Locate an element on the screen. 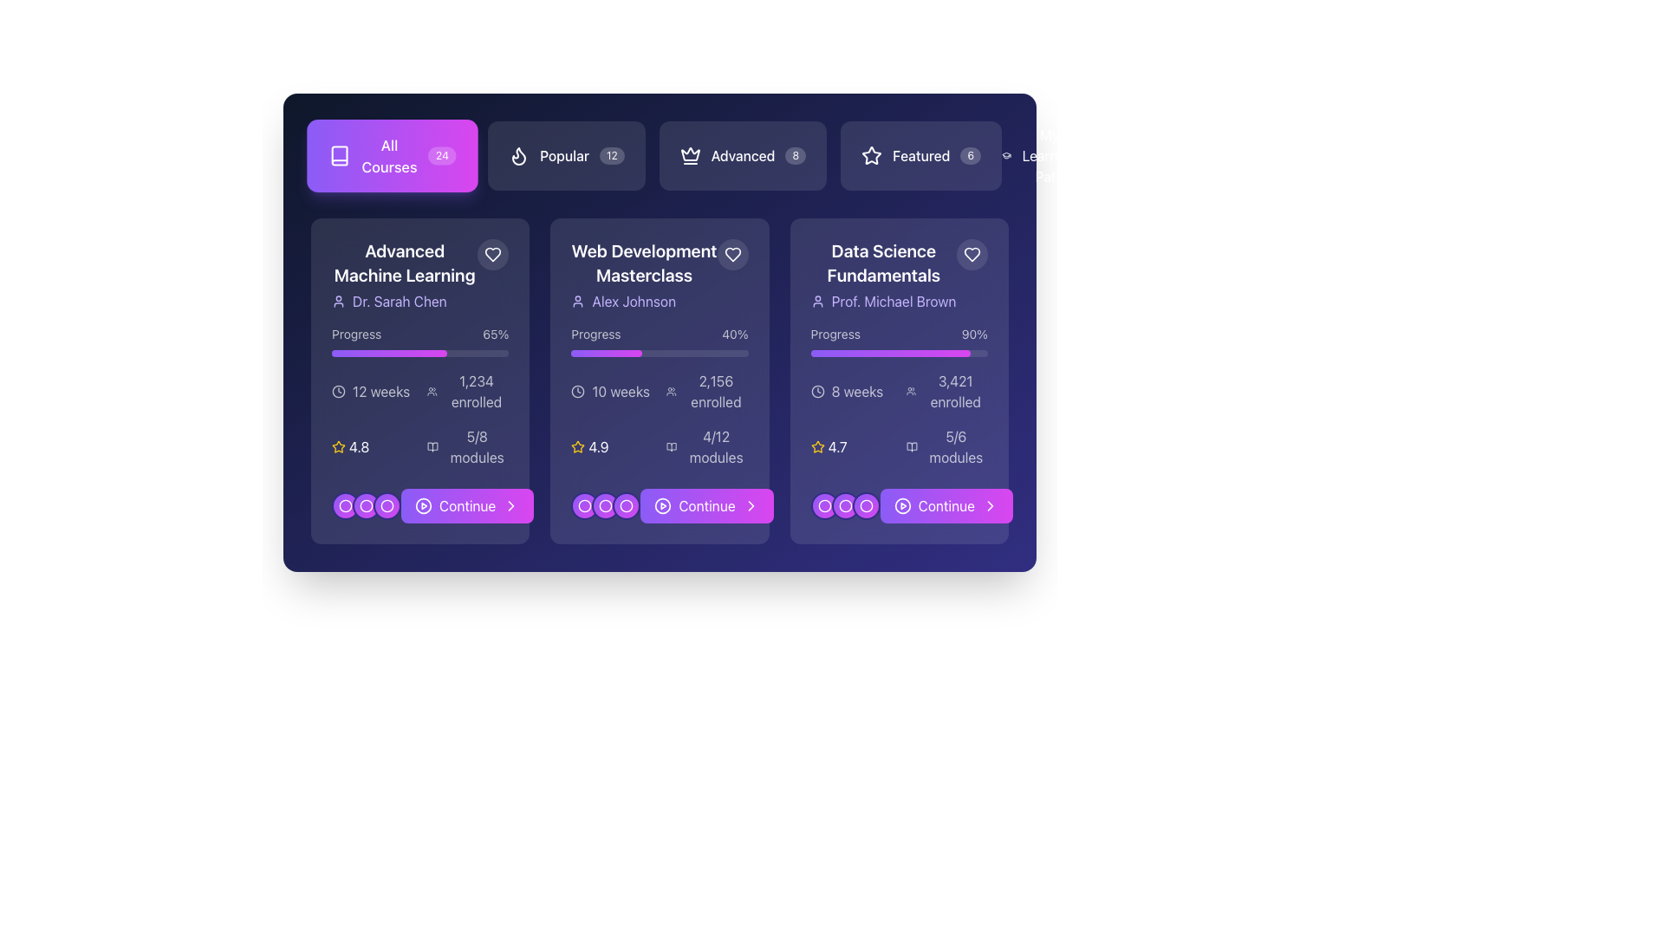 This screenshot has height=936, width=1664. the first circular progress indicator with a gradient fill located at the bottom of the 'Web Development Masterclass' card is located at coordinates (585, 505).